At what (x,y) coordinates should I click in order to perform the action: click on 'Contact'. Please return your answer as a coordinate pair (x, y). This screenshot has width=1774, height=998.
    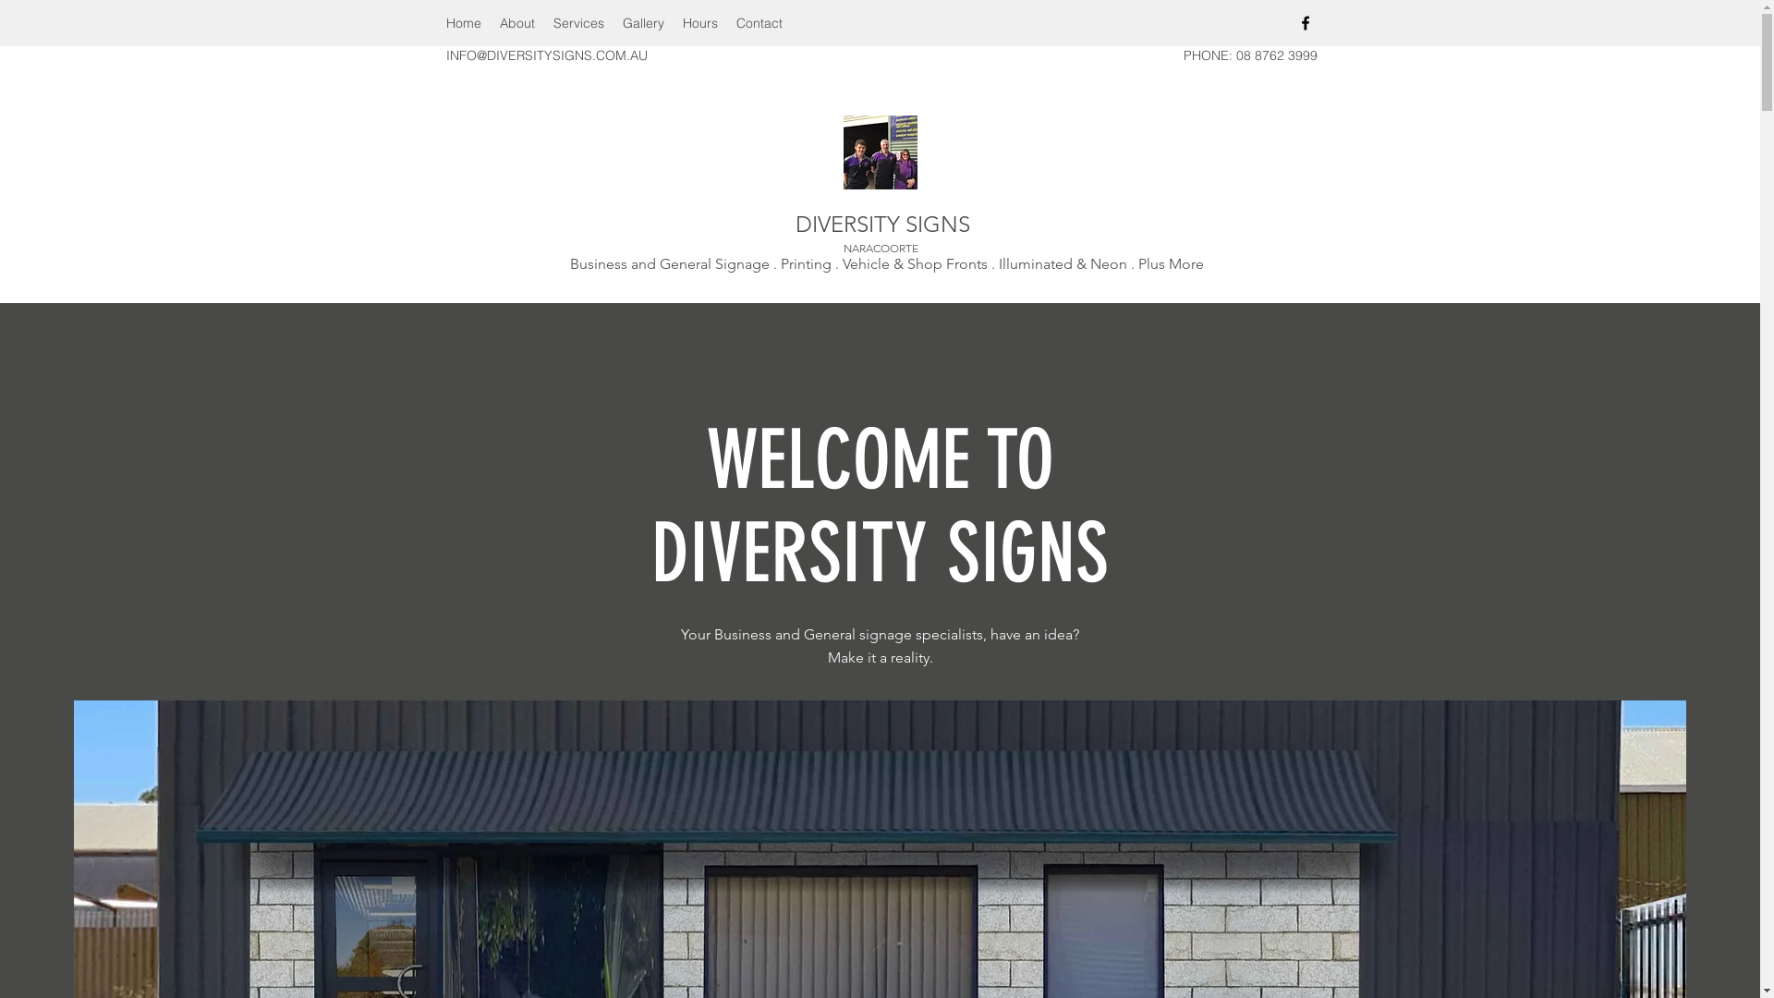
    Looking at the image, I should click on (758, 22).